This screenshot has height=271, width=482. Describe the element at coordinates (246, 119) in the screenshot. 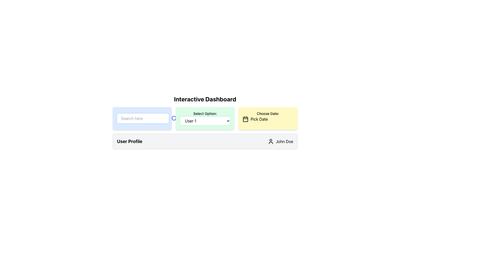

I see `the calendar icon located to the left of the 'Pick Date' text in the 'Choose Date:' section, which is styled with black strokes on a transparent background` at that location.